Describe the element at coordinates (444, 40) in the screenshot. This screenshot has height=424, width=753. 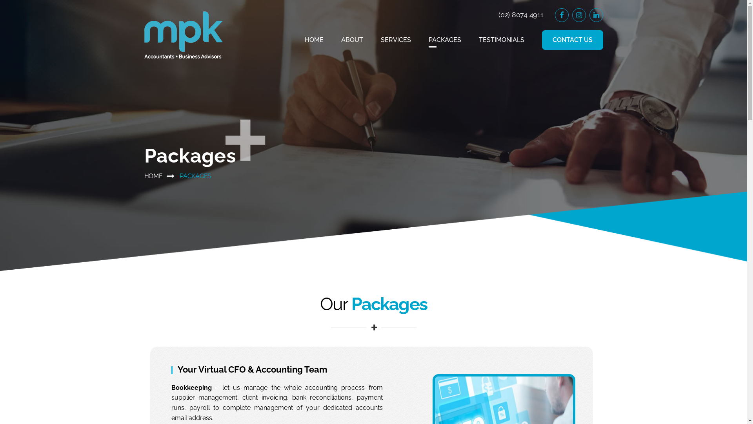
I see `'PACKAGES'` at that location.